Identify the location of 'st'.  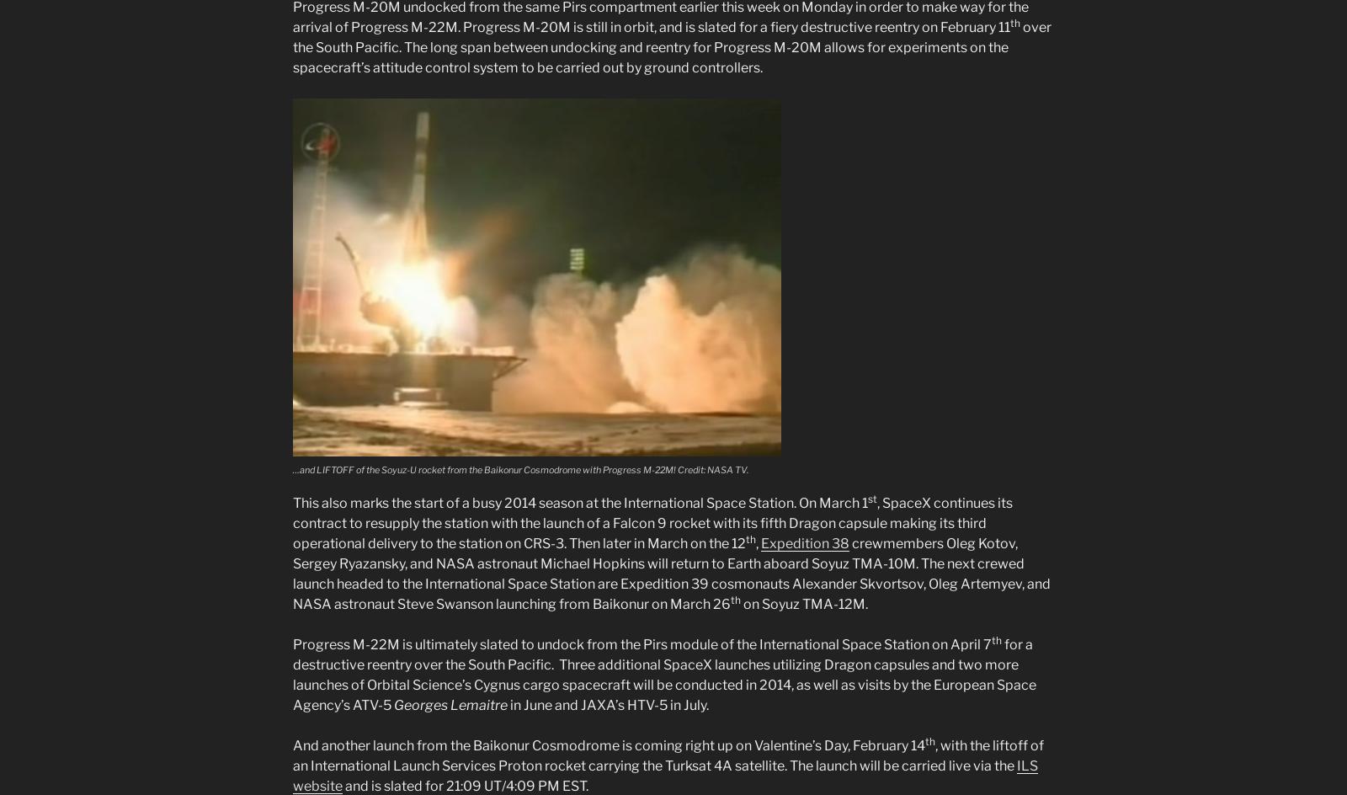
(872, 499).